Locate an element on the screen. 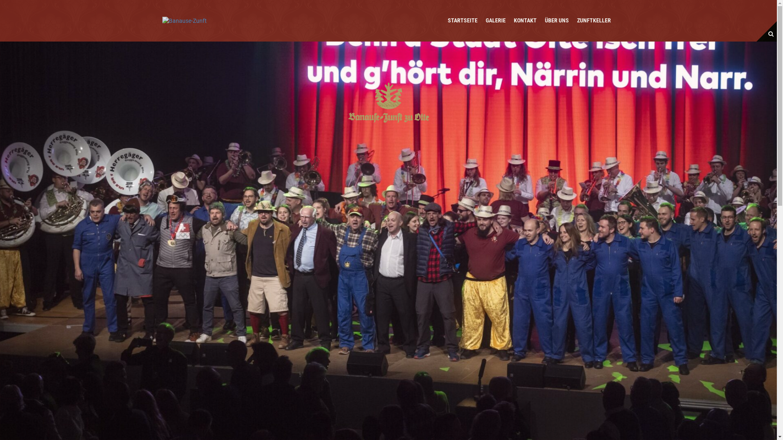 The height and width of the screenshot is (440, 783). 'ZUNFTKELLER' is located at coordinates (576, 20).